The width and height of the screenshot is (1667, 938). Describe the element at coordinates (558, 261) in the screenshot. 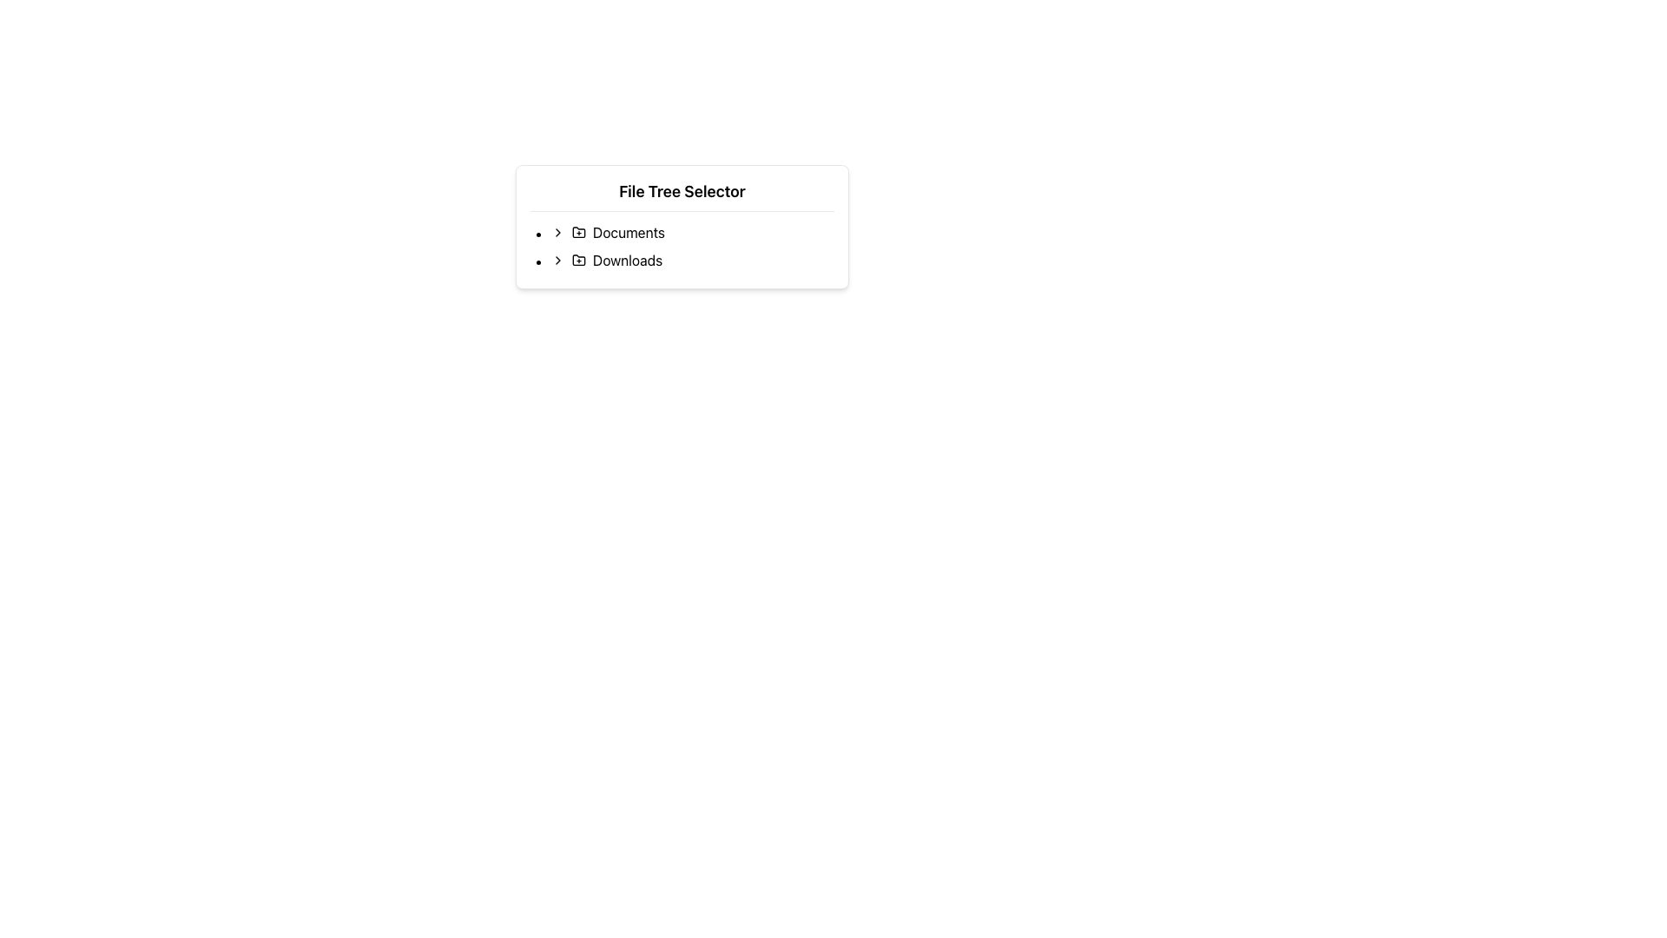

I see `the chevron icon pointing right located before the folder icon and title 'Downloads' in the file tree view` at that location.